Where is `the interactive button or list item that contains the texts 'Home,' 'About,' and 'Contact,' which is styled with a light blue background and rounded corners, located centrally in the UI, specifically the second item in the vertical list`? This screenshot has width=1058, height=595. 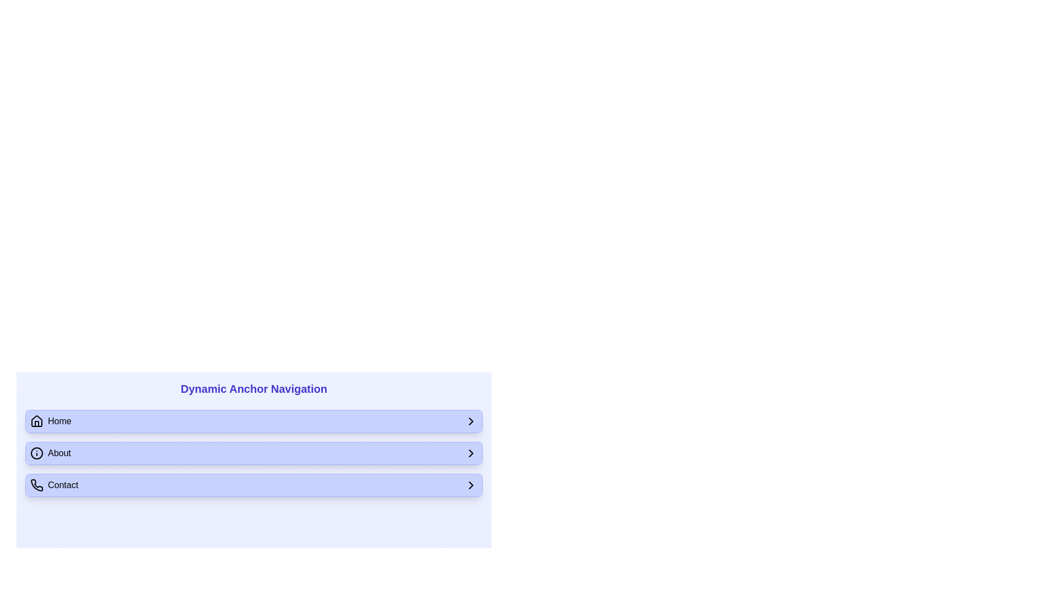
the interactive button or list item that contains the texts 'Home,' 'About,' and 'Contact,' which is styled with a light blue background and rounded corners, located centrally in the UI, specifically the second item in the vertical list is located at coordinates (253, 453).